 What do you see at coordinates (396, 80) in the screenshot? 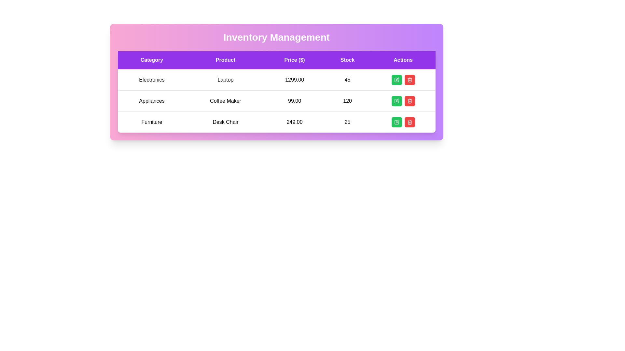
I see `the edit button in the 'Actions' column of the first row for the 'Electronics - Laptop' entry` at bounding box center [396, 80].